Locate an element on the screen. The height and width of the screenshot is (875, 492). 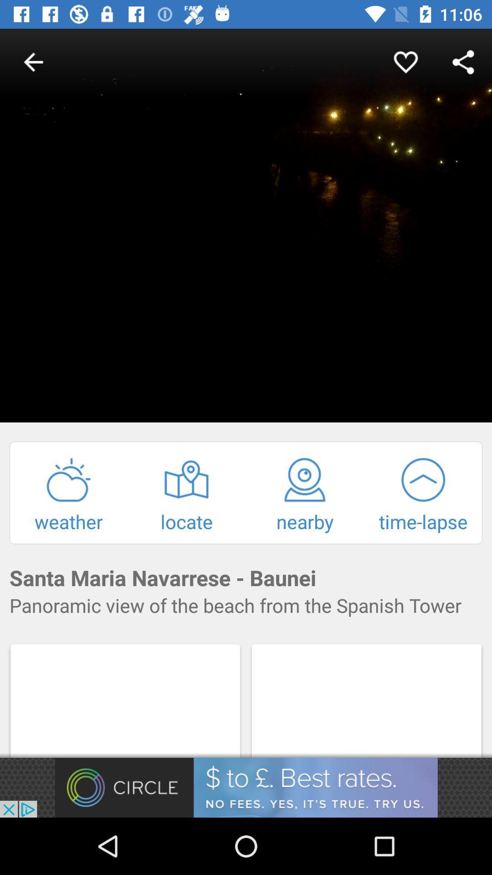
advertisement is located at coordinates (246, 787).